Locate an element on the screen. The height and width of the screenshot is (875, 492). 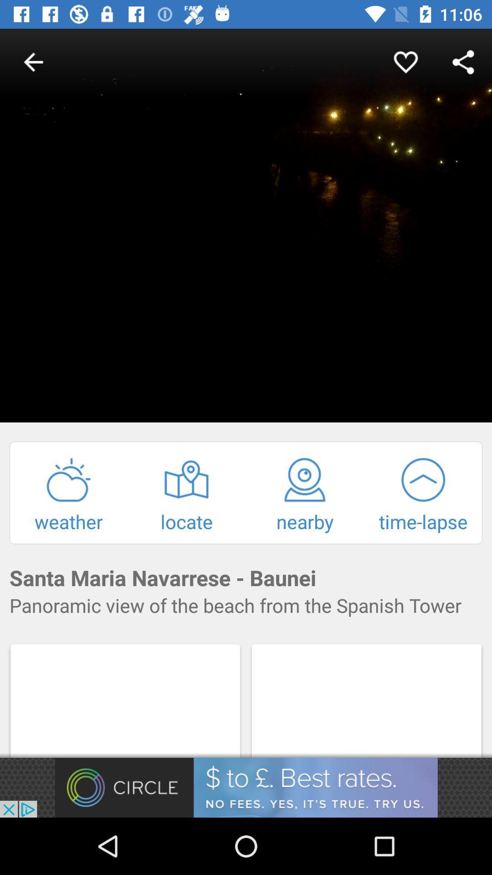
advertisement is located at coordinates (246, 787).